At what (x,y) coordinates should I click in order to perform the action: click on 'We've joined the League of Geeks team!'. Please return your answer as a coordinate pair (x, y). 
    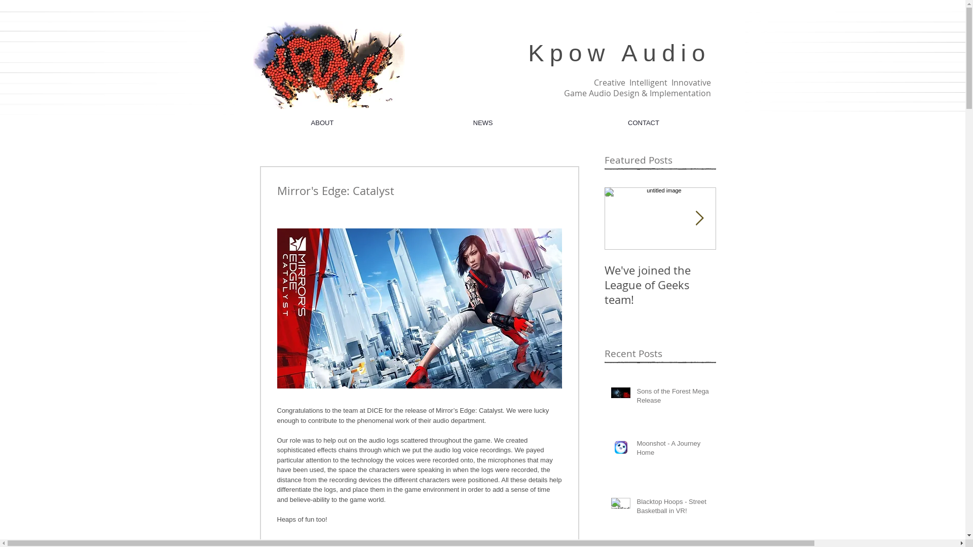
    Looking at the image, I should click on (659, 285).